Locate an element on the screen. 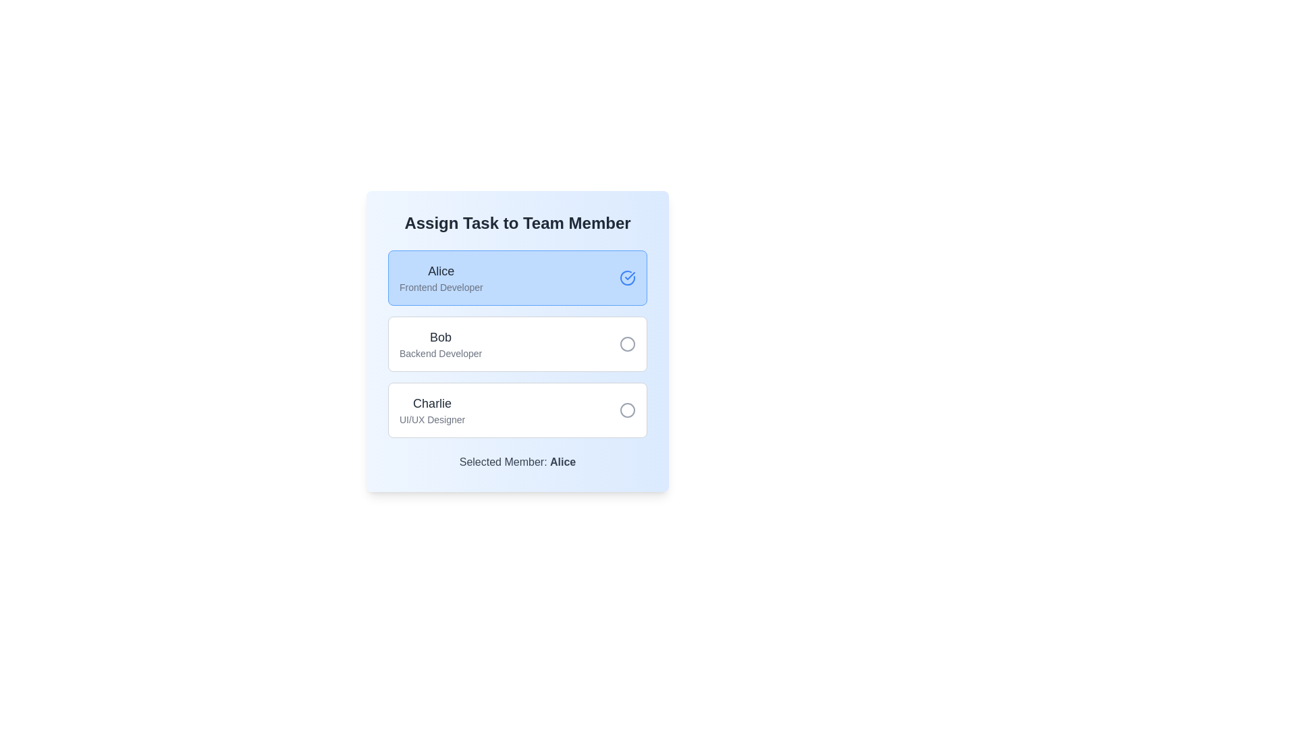 The image size is (1296, 729). the team member labeled 'Charlie' is located at coordinates (432, 402).